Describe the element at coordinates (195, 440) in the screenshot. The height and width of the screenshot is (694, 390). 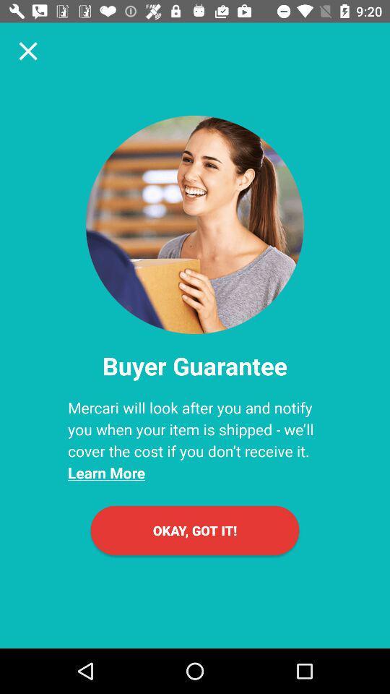
I see `icon above the okay, got it!` at that location.